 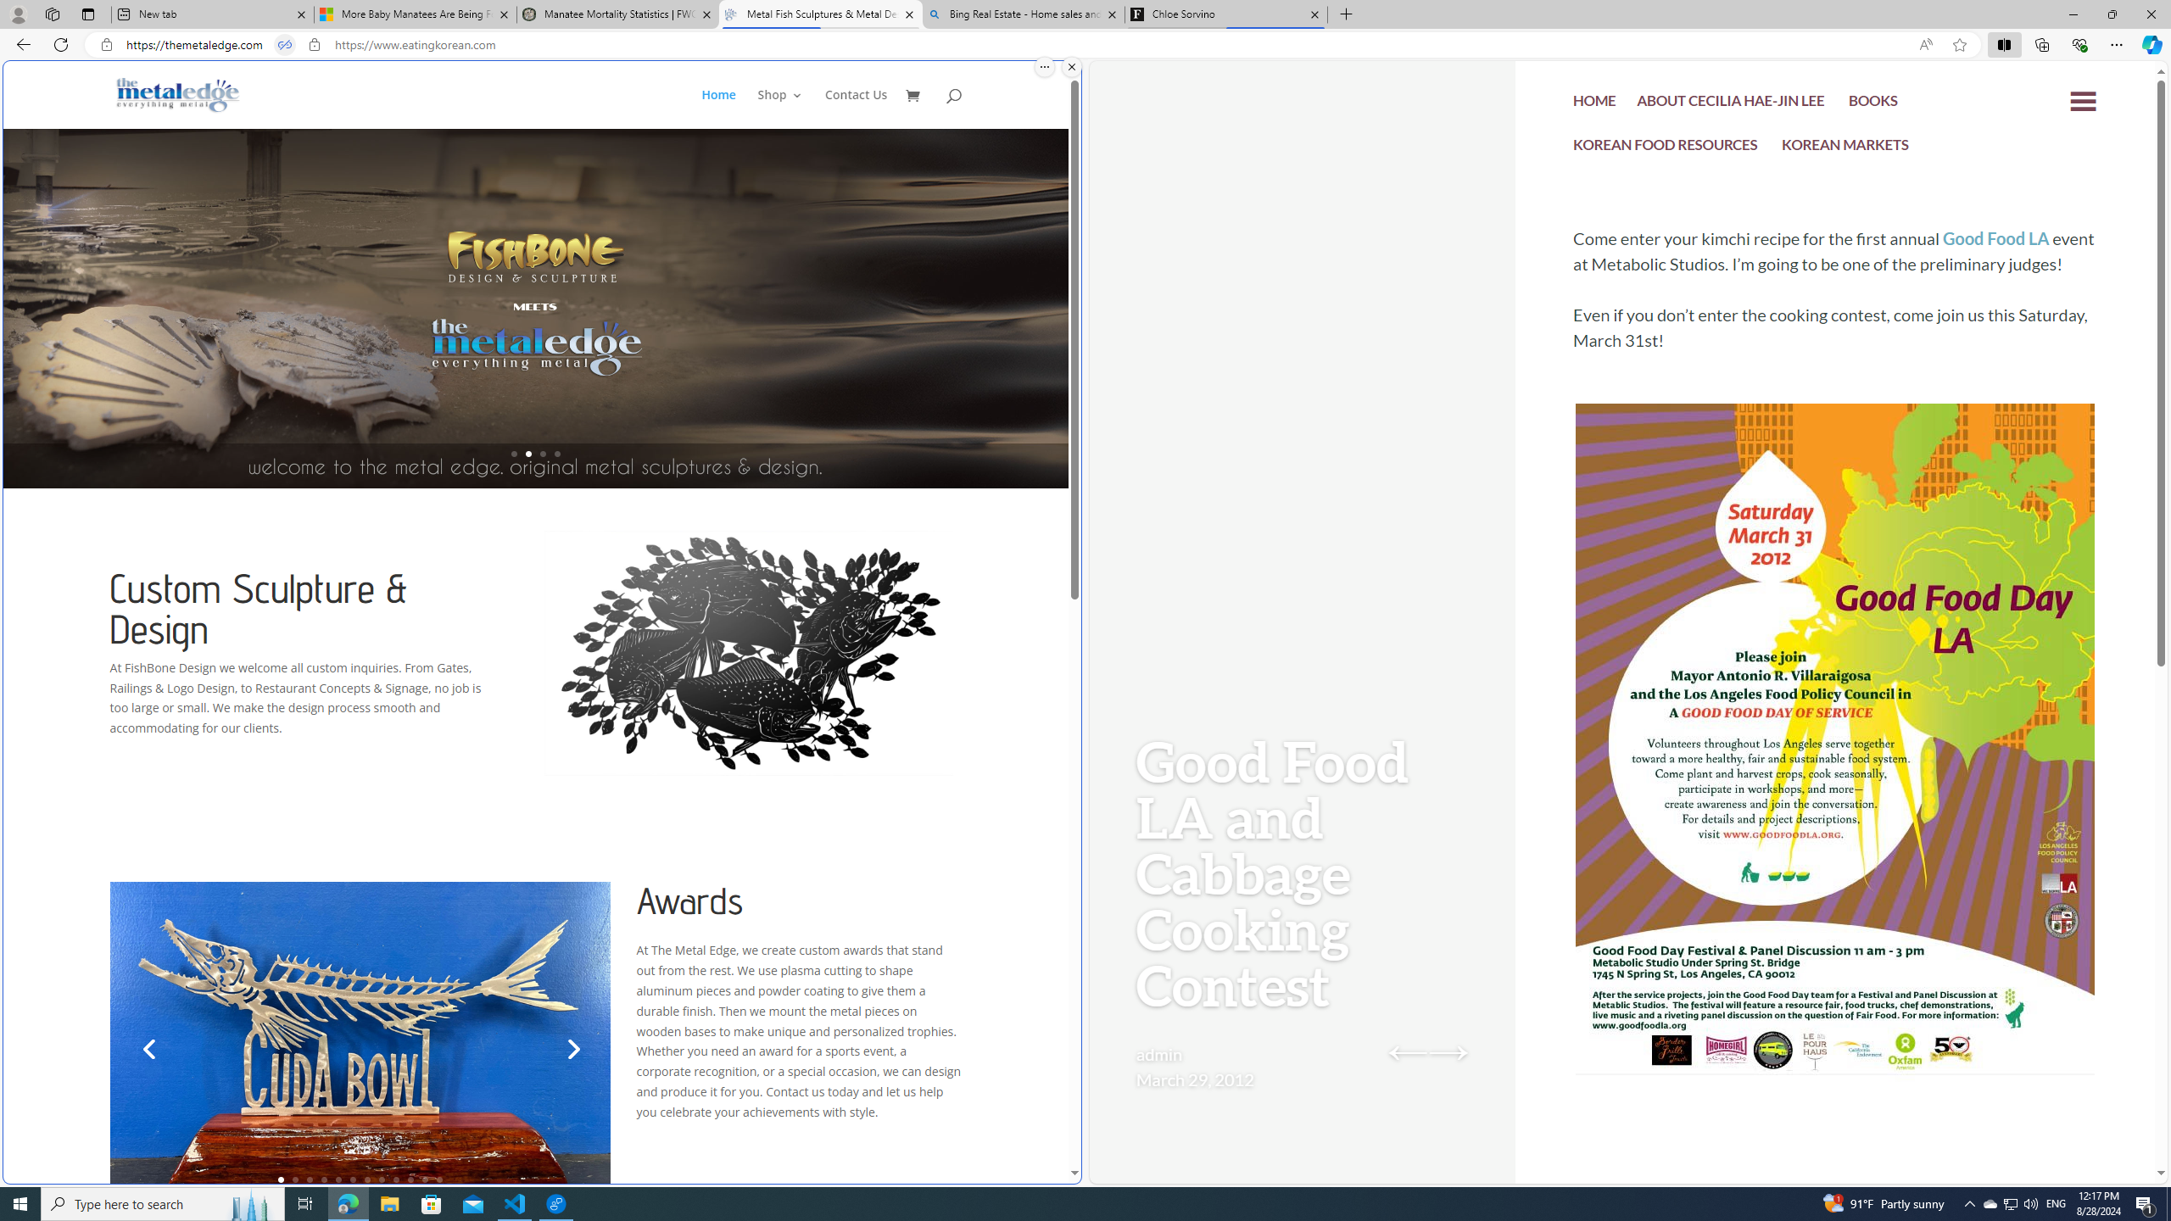 What do you see at coordinates (352, 1179) in the screenshot?
I see `'6'` at bounding box center [352, 1179].